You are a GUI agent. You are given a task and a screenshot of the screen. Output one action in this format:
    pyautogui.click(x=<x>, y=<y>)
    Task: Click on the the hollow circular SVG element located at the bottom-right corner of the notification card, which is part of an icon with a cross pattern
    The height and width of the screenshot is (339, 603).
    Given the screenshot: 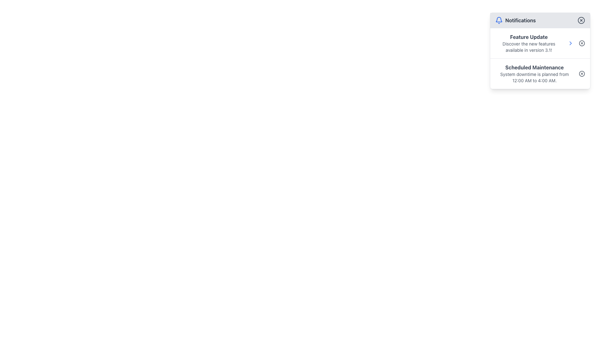 What is the action you would take?
    pyautogui.click(x=581, y=73)
    